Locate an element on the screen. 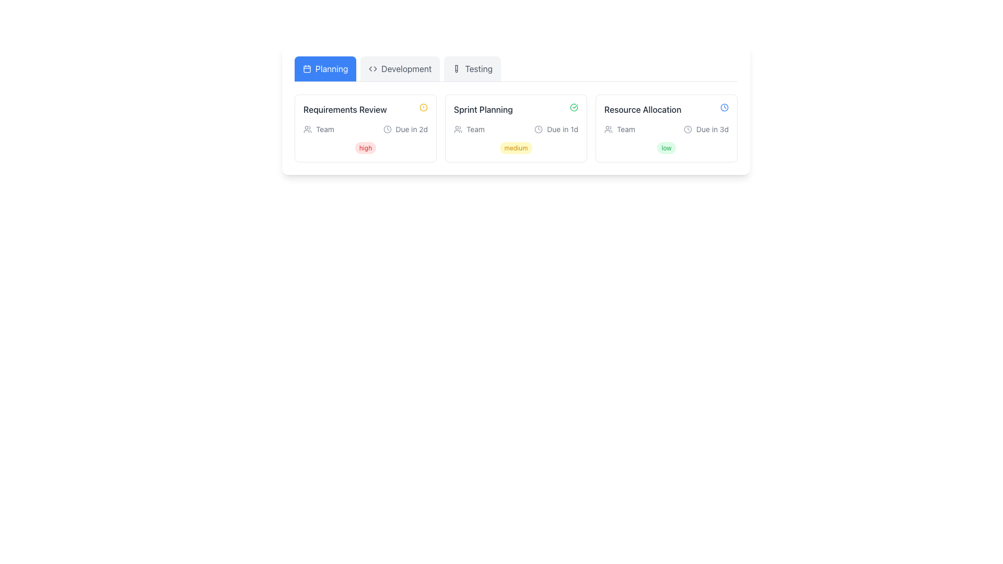 The image size is (1003, 564). text from the 'Sprint Planning' label, which is styled as a bold header in gray color, located at the top-center of the second card under the 'Planning' tab is located at coordinates (483, 109).